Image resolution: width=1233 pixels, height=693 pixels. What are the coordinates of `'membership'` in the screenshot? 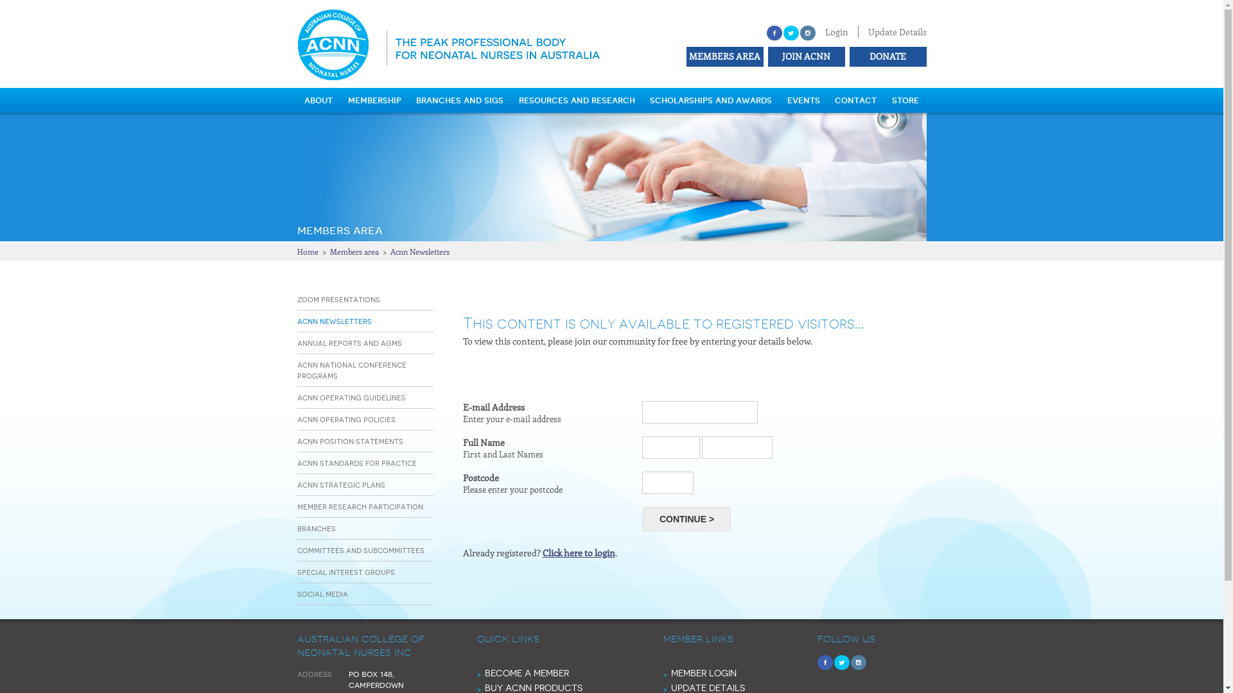 It's located at (374, 99).